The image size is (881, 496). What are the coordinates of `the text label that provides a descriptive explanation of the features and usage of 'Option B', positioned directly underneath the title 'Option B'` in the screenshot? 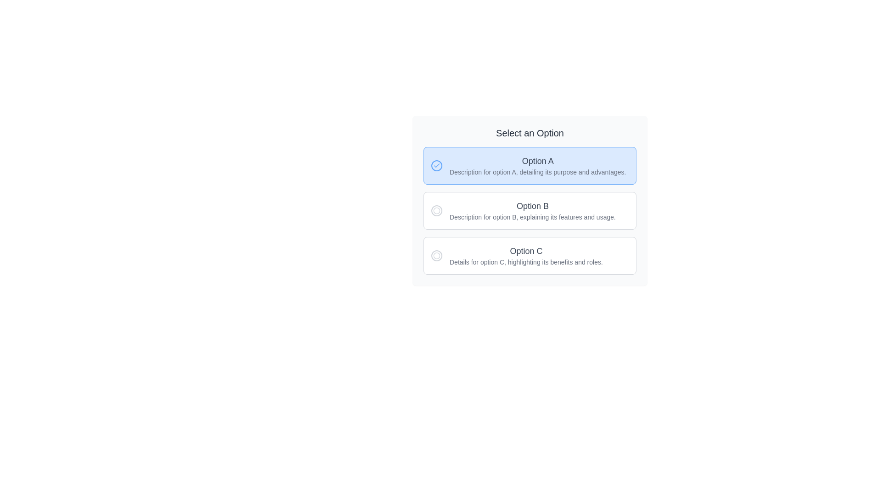 It's located at (533, 217).